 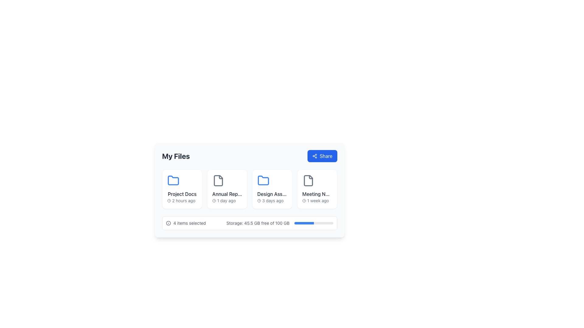 What do you see at coordinates (259, 200) in the screenshot?
I see `the icon that enhances the timestamp information '3 days ago', located to the immediate left of the text within the 'Design Assets' file card` at bounding box center [259, 200].